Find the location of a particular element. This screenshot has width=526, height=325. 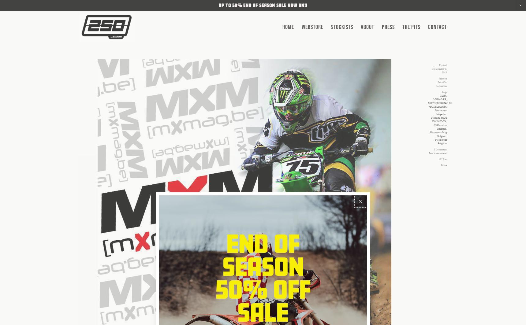

'HOME' is located at coordinates (282, 27).